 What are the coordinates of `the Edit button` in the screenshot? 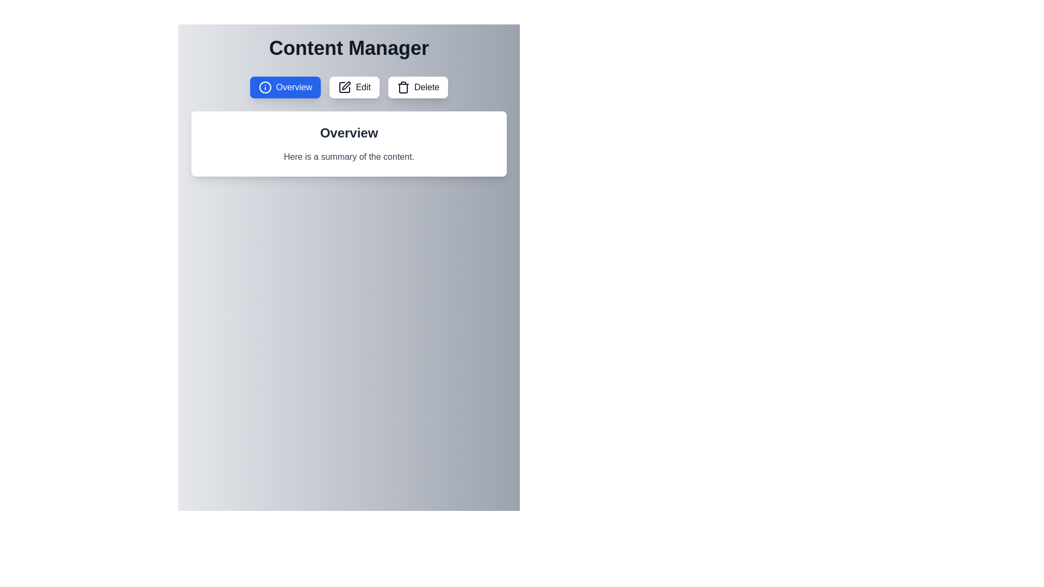 It's located at (355, 87).